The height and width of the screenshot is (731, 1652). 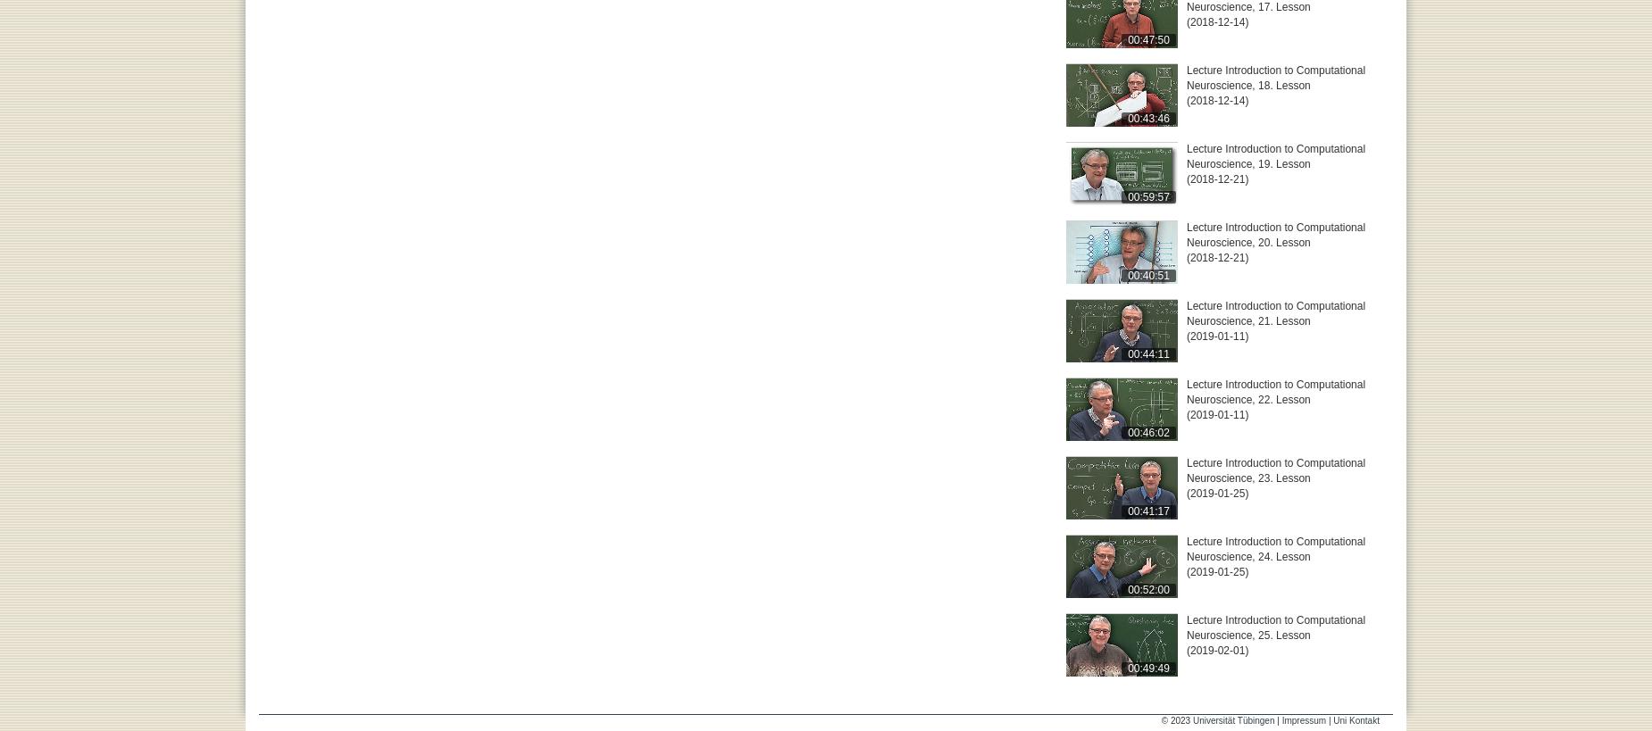 What do you see at coordinates (1275, 78) in the screenshot?
I see `'Lecture Introduction to Computational Neuroscience, 18. Lesson'` at bounding box center [1275, 78].